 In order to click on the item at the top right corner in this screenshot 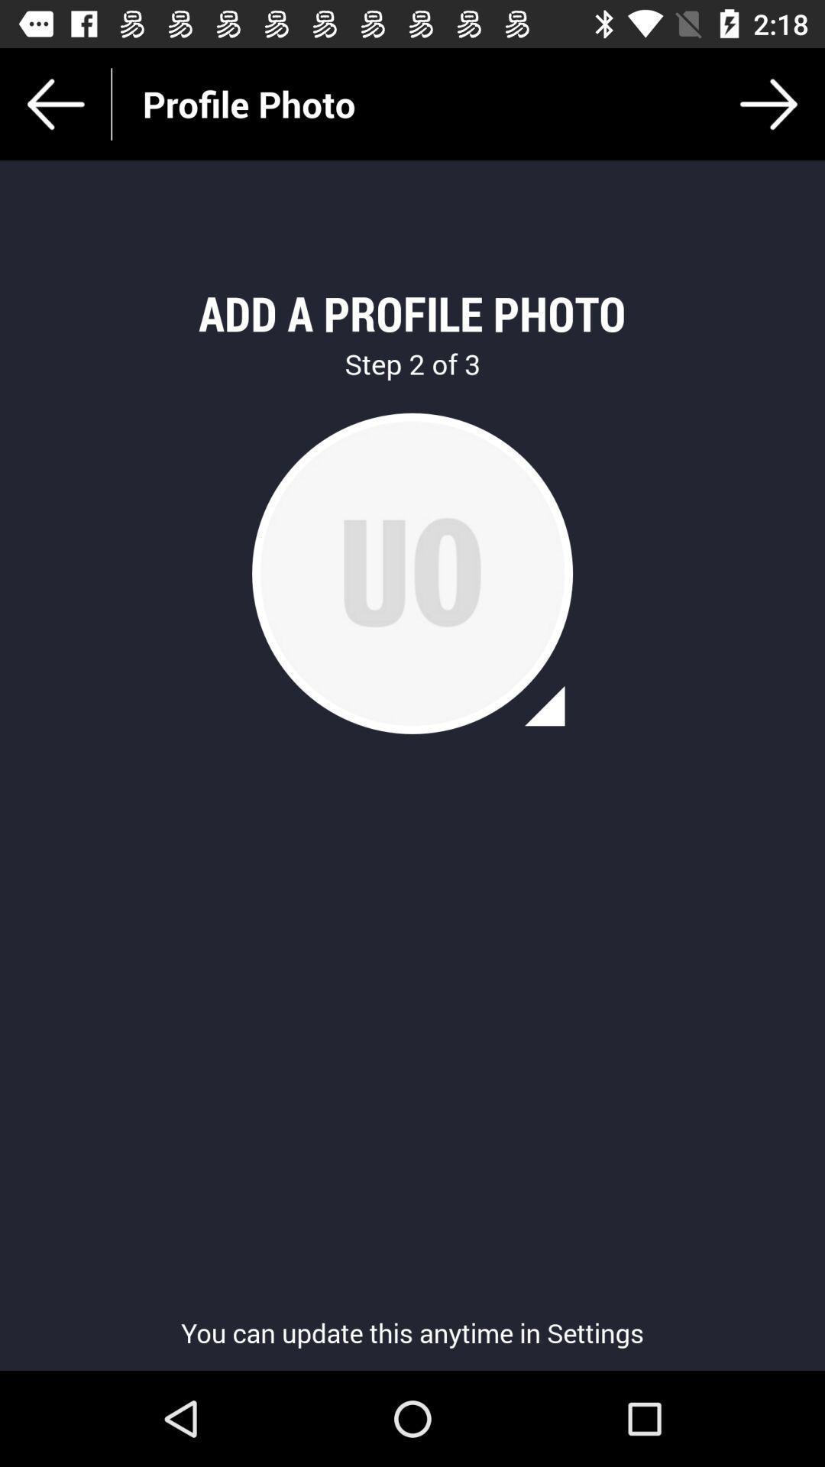, I will do `click(768, 103)`.